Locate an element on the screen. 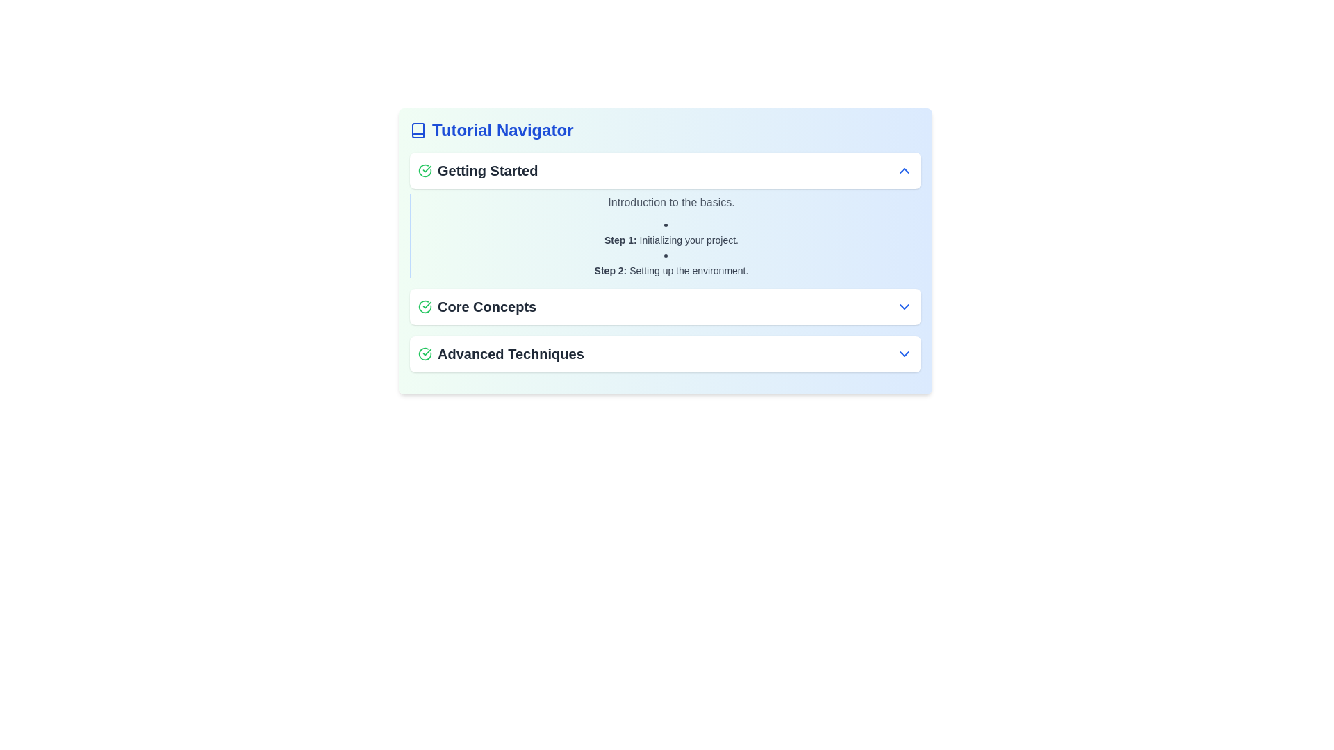  the icon representing the 'Tutorial Navigator' section, located at the far-left side of the header bar, adjacent to the text is located at coordinates (417, 131).